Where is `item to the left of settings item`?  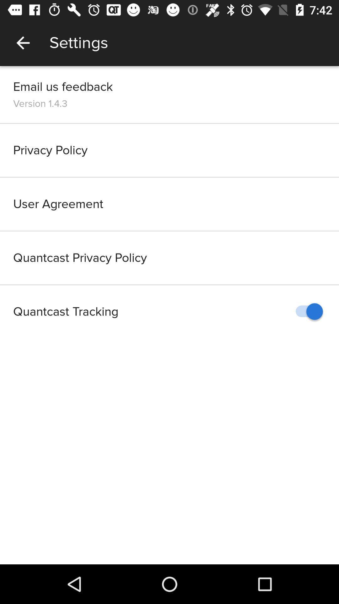 item to the left of settings item is located at coordinates (23, 42).